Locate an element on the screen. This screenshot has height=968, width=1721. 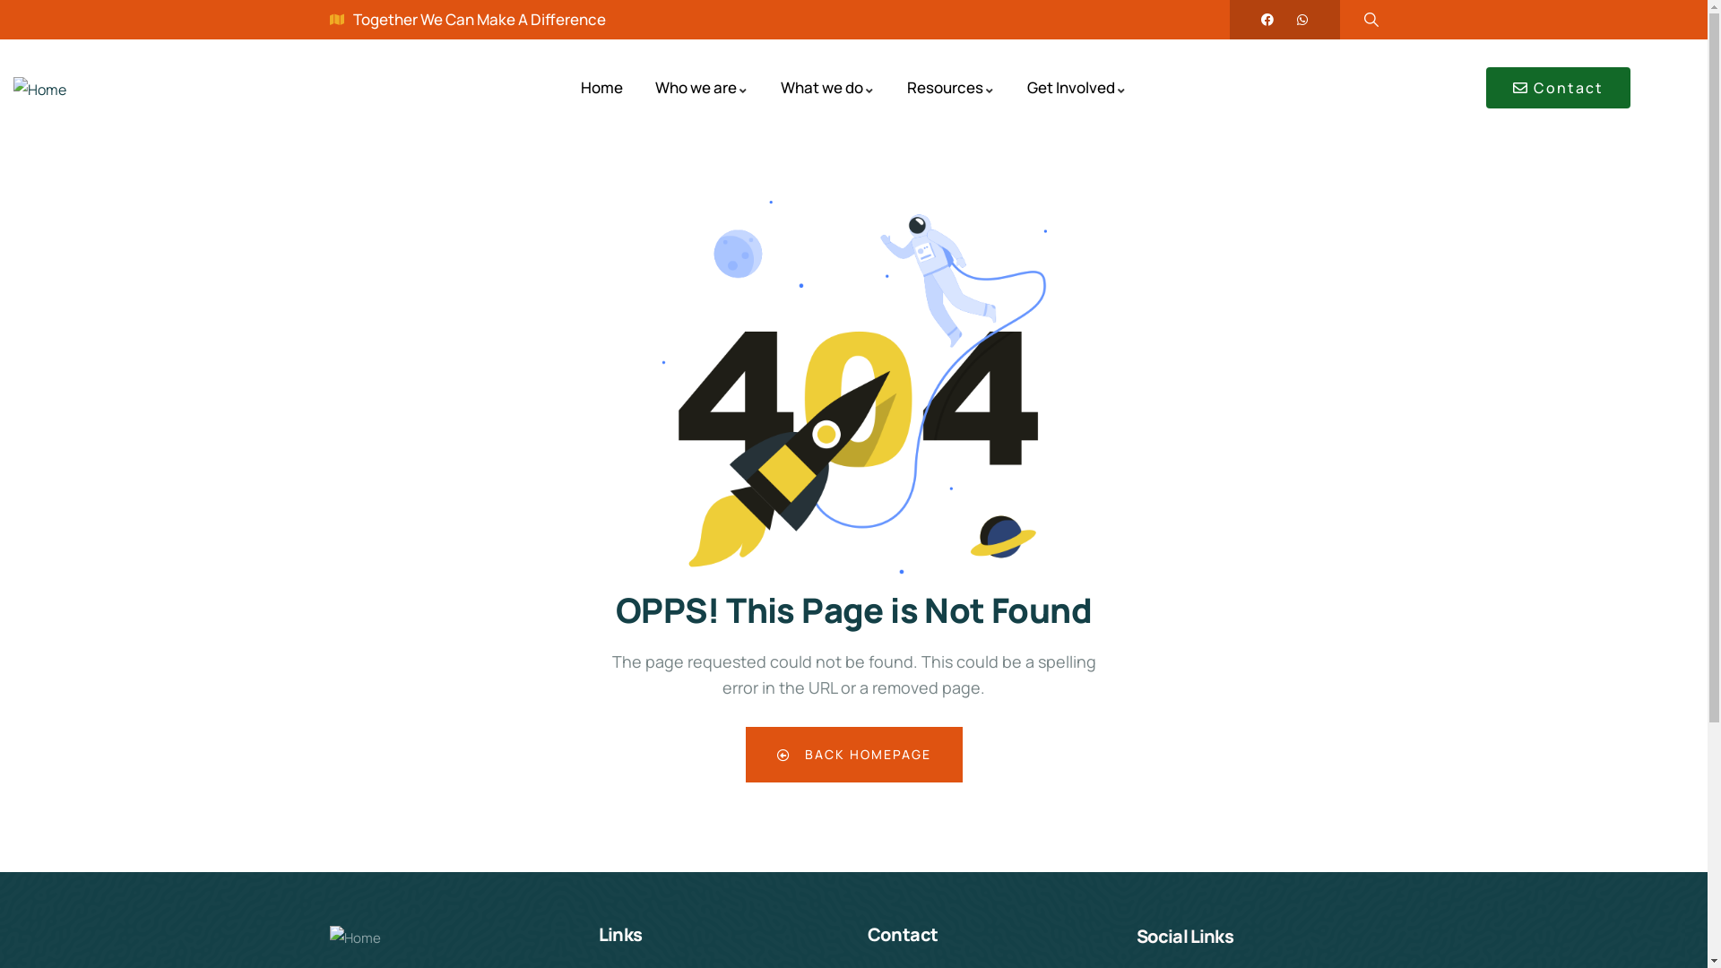
'Contact' is located at coordinates (1485, 87).